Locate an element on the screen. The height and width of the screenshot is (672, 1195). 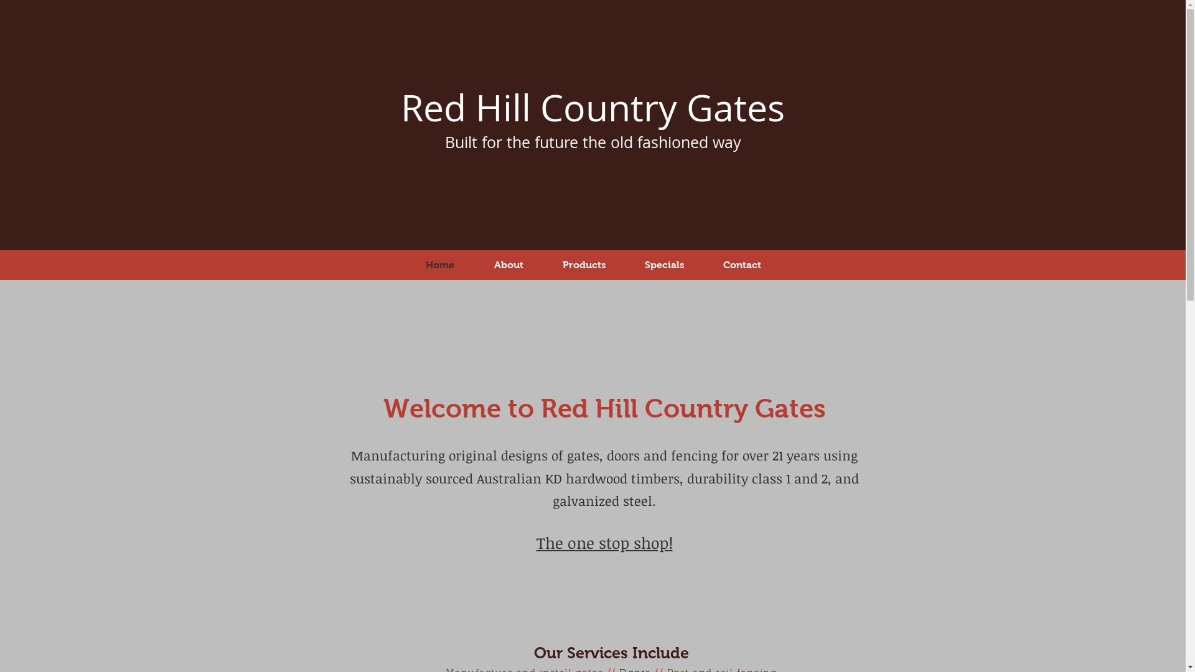
'Specials' is located at coordinates (663, 264).